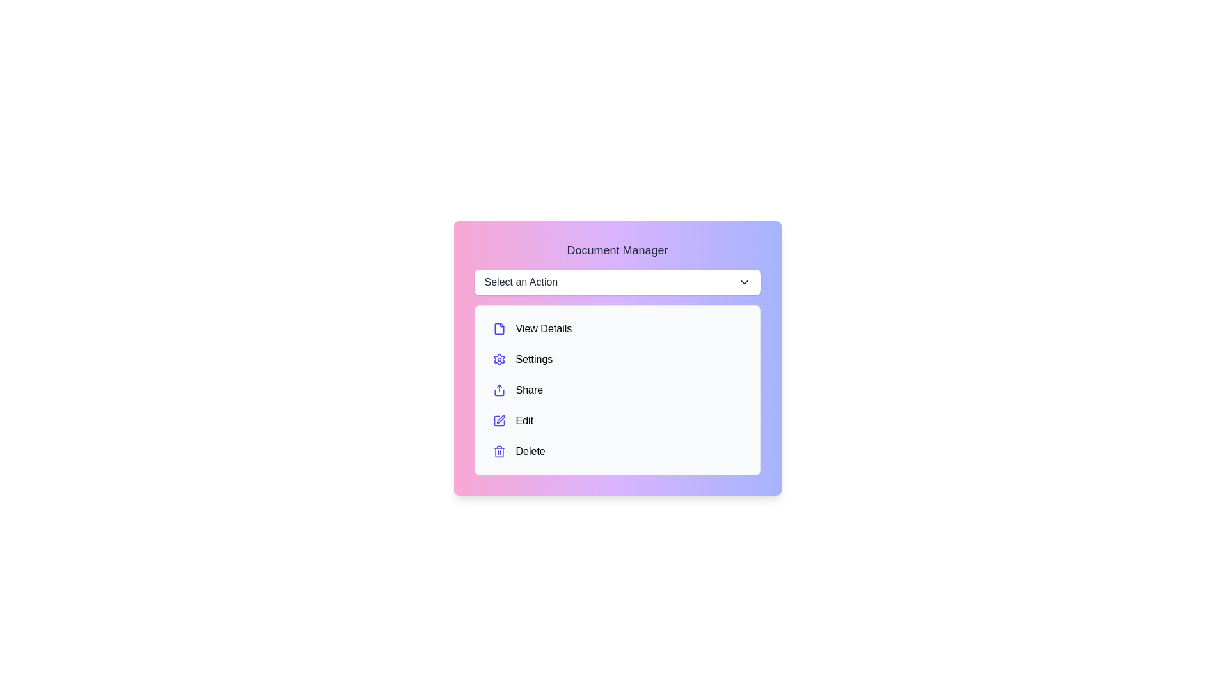  Describe the element at coordinates (498, 421) in the screenshot. I see `the vector graphic component representing the outline of a square with an open top-right corner located in the 'Edit' dropdown menu` at that location.